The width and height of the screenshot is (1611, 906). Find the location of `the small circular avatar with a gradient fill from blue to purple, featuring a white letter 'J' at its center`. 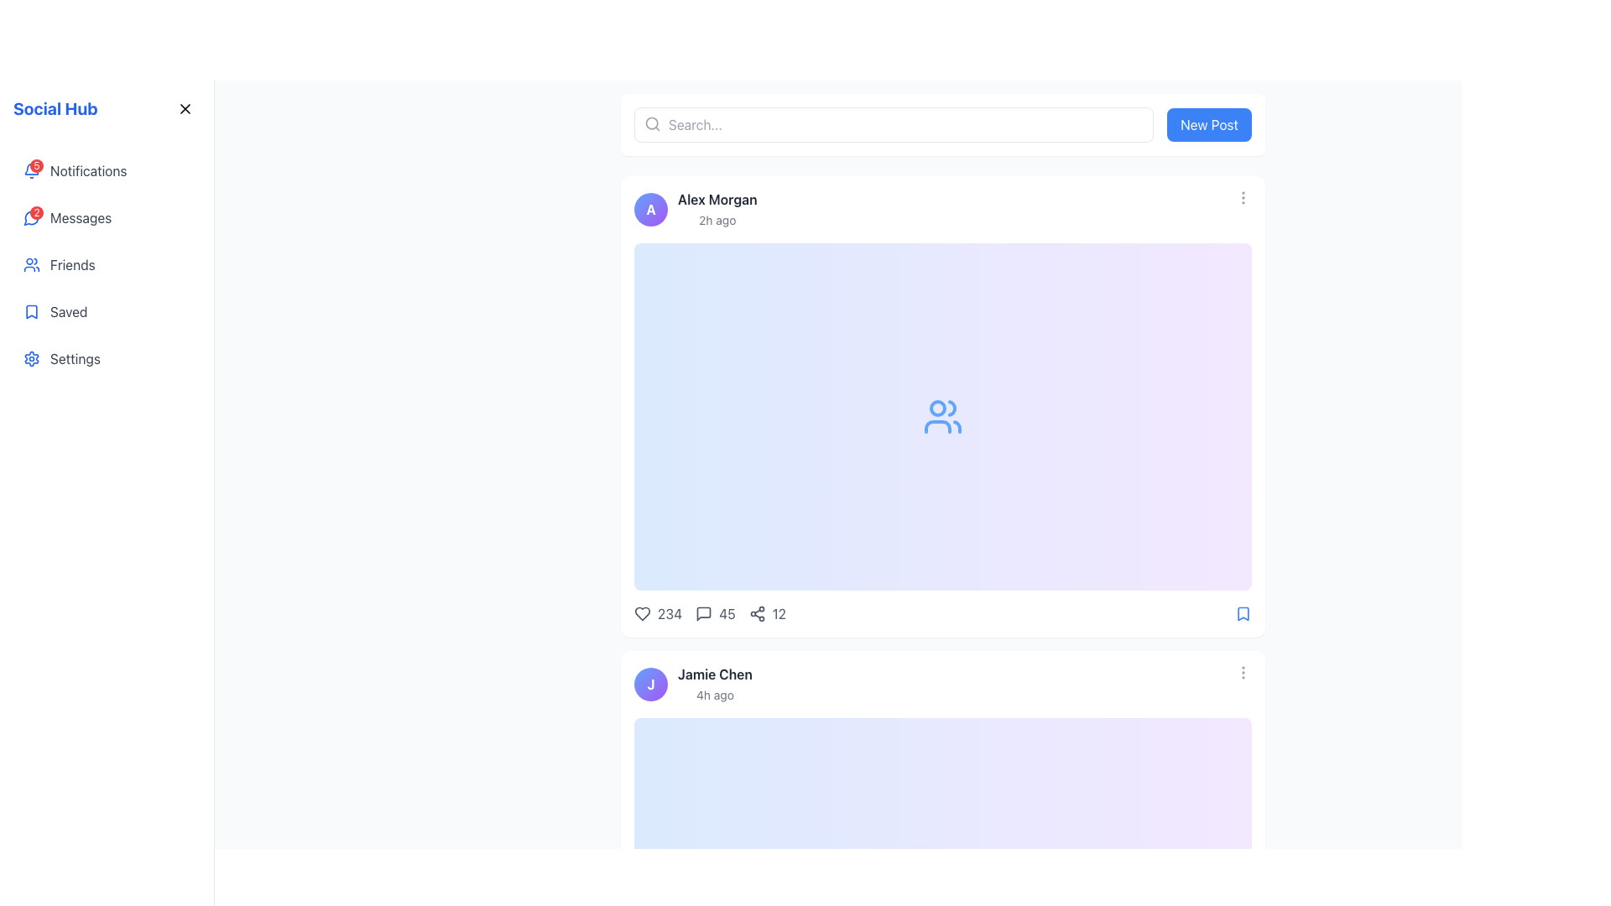

the small circular avatar with a gradient fill from blue to purple, featuring a white letter 'J' at its center is located at coordinates (650, 685).